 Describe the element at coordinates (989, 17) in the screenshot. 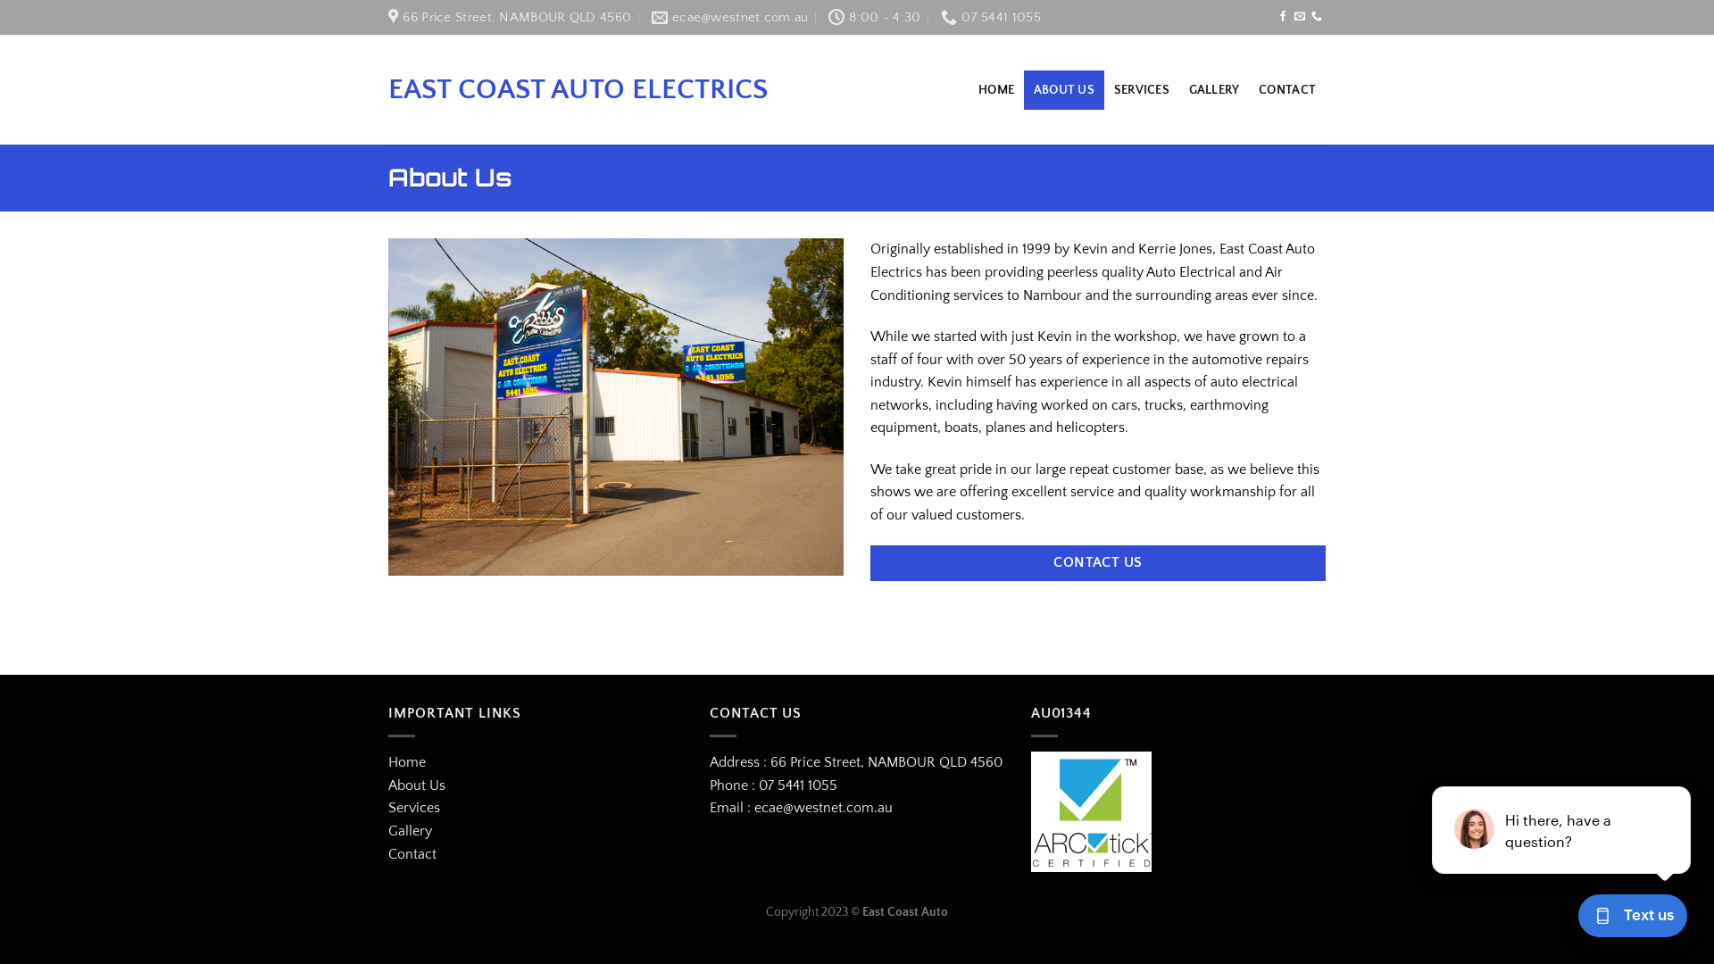

I see `'07 5441 1055'` at that location.